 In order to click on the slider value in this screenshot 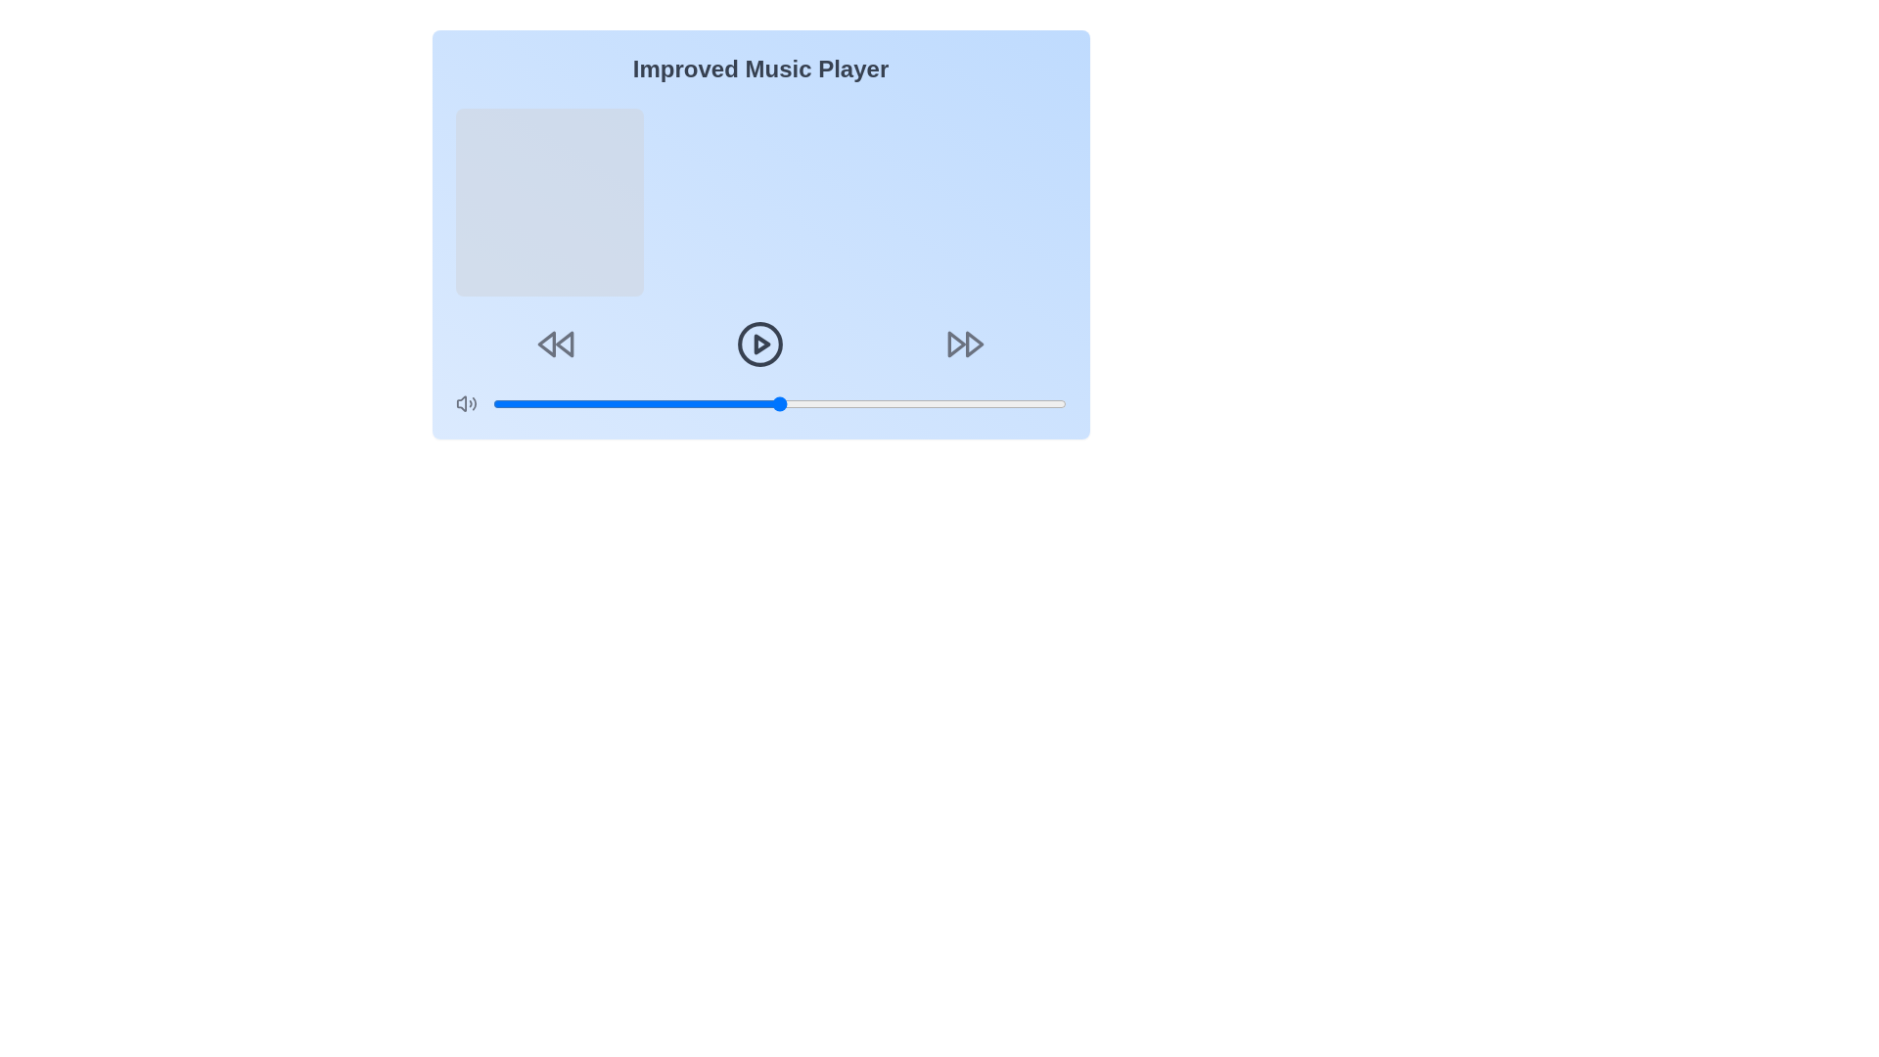, I will do `click(791, 402)`.